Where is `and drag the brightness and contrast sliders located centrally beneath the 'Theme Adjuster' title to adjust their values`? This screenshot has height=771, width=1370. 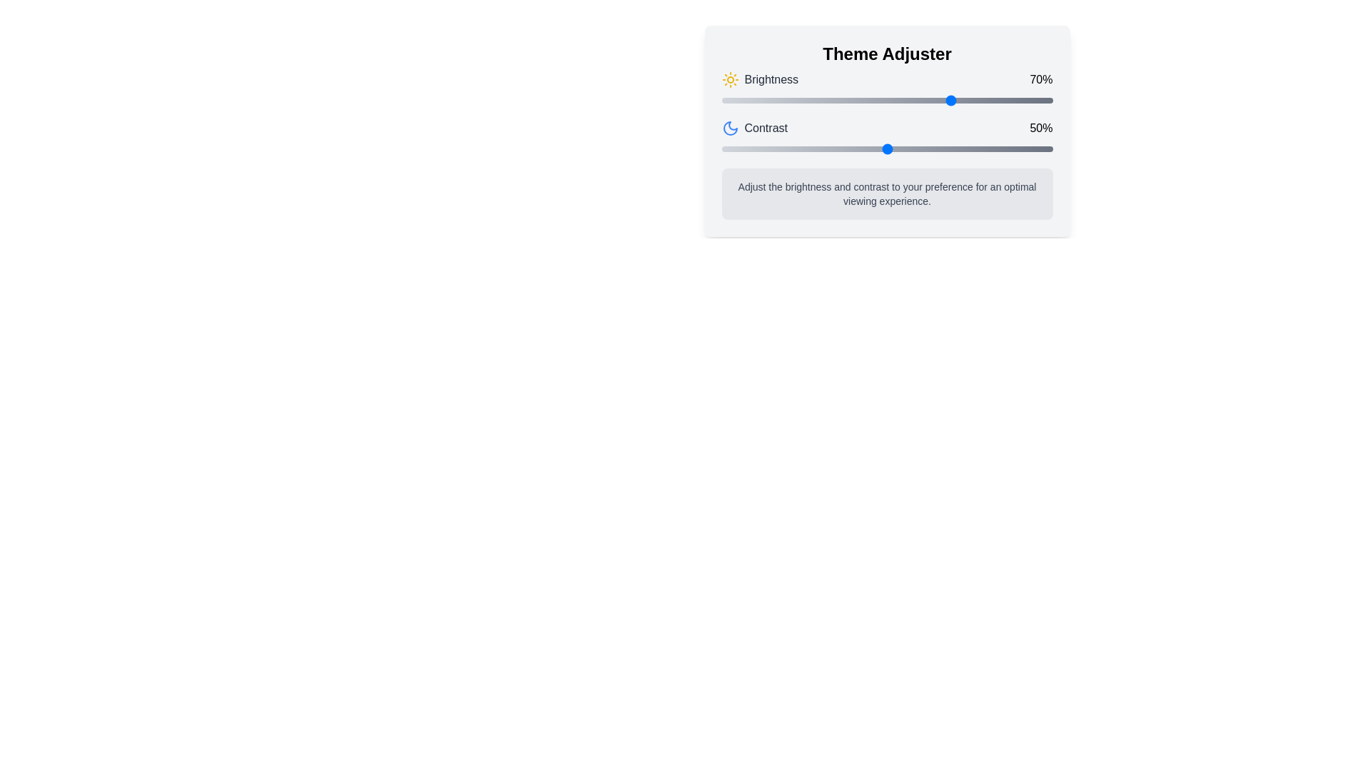 and drag the brightness and contrast sliders located centrally beneath the 'Theme Adjuster' title to adjust their values is located at coordinates (886, 113).